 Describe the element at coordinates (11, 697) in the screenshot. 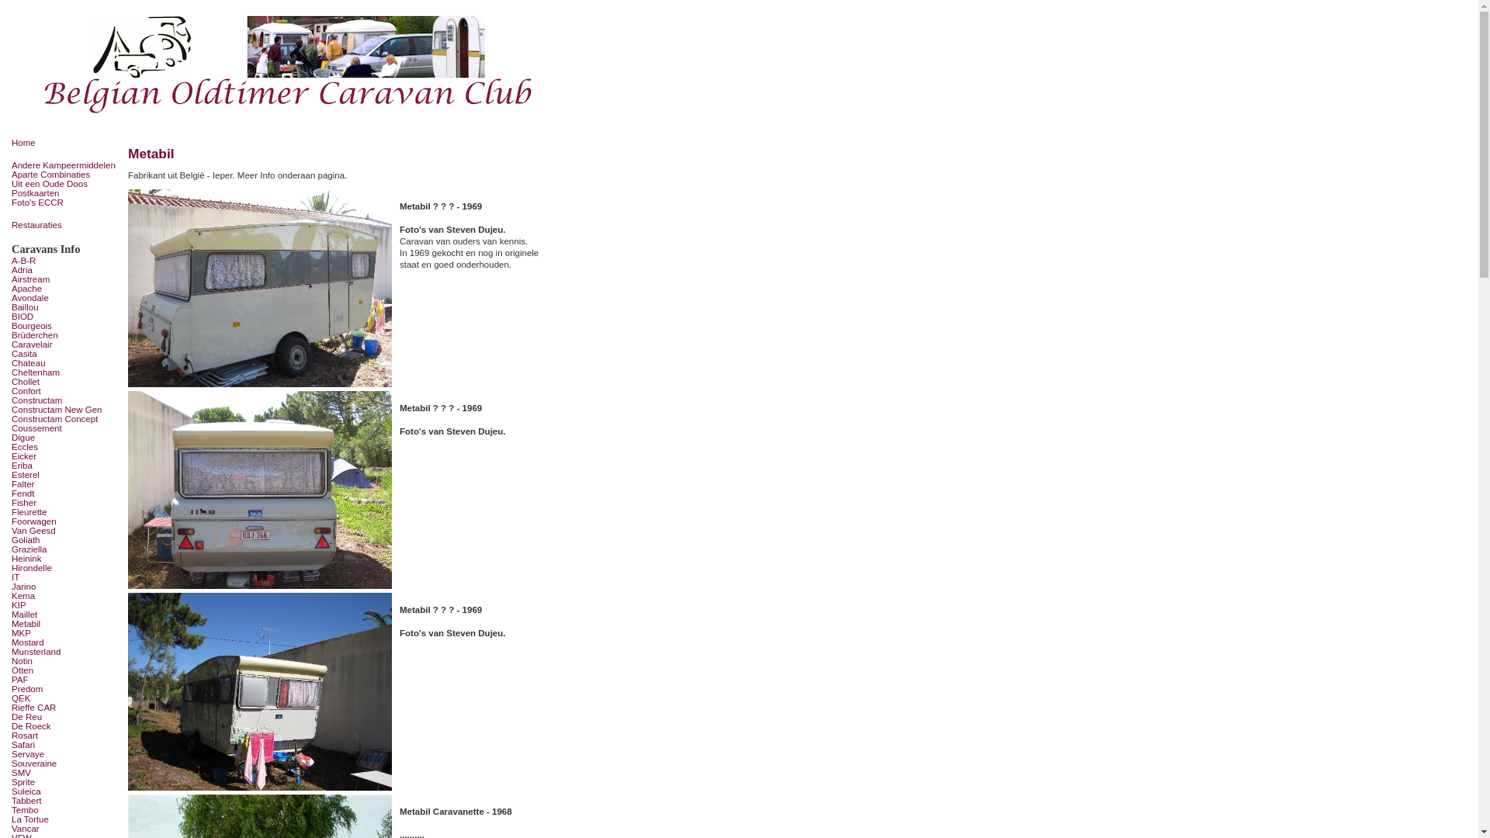

I see `'QEK'` at that location.